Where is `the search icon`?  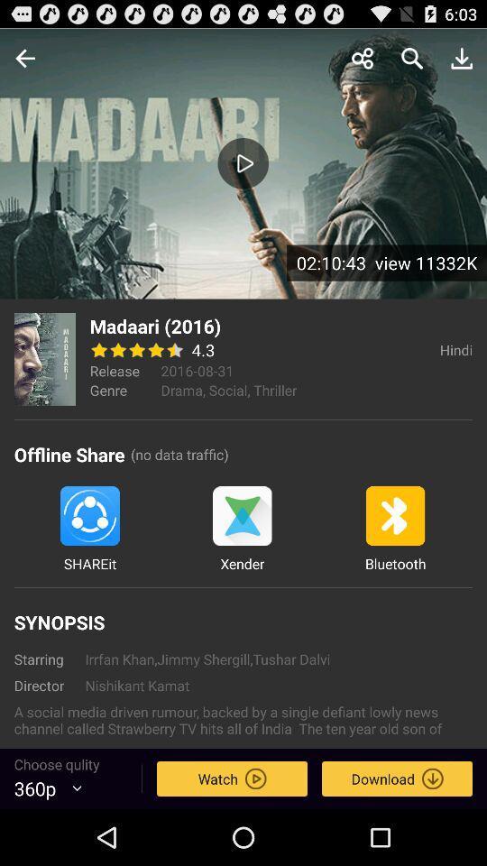 the search icon is located at coordinates (412, 62).